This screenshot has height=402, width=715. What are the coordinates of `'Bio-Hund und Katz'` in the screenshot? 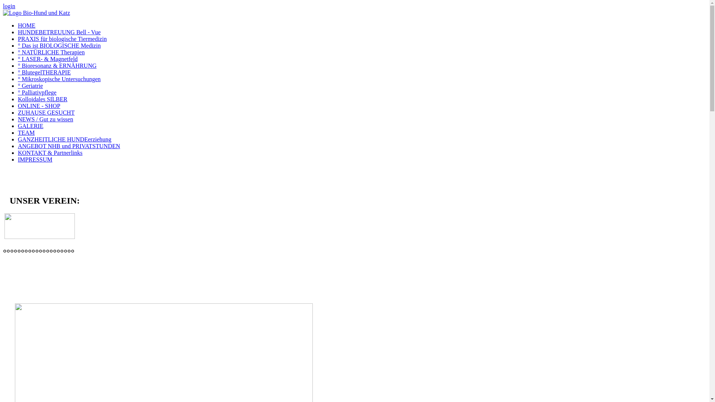 It's located at (3, 13).